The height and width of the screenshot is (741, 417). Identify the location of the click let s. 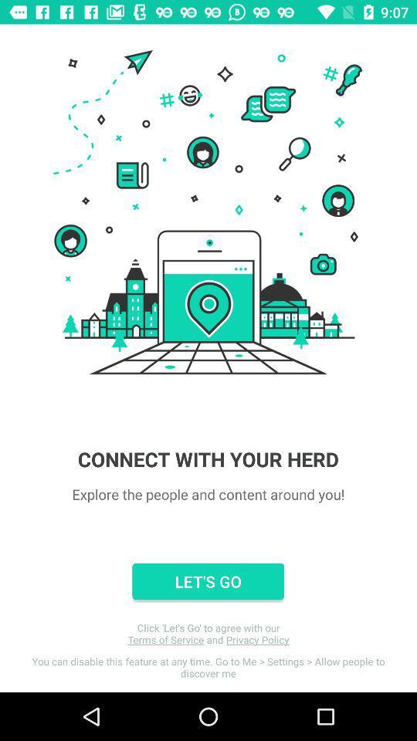
(208, 634).